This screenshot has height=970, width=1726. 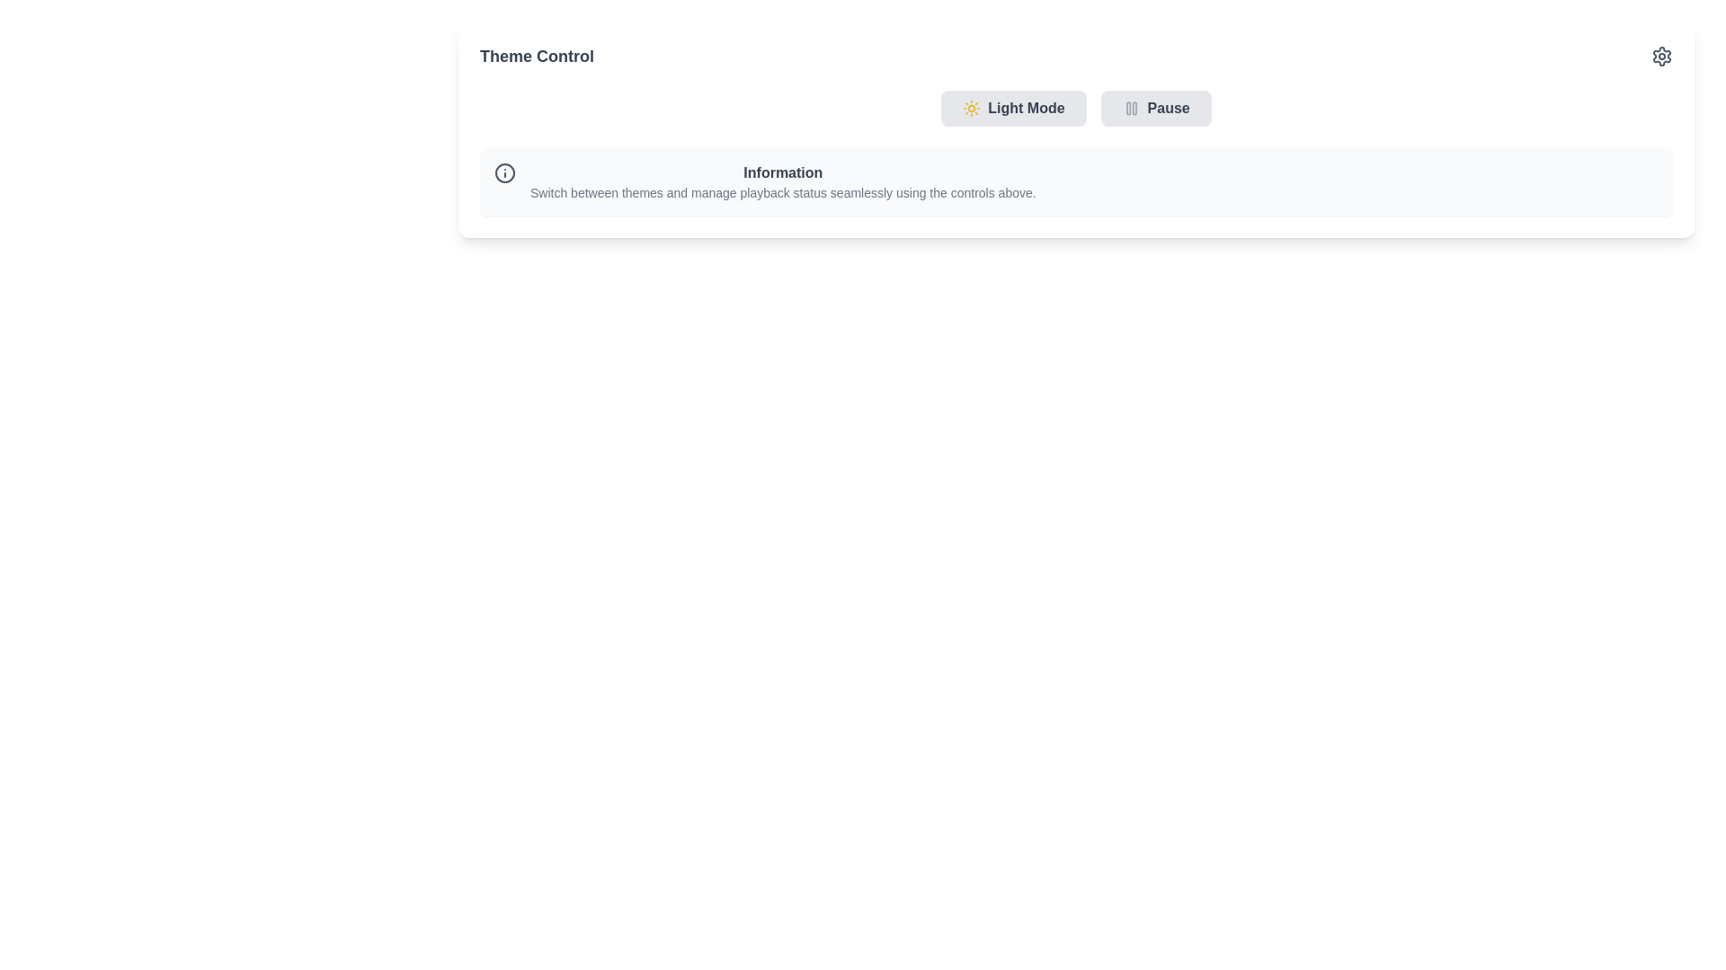 What do you see at coordinates (503, 172) in the screenshot?
I see `the central circle of the information icon, which is visually part of the design and symbolizes an 'Info' or 'Help' feature, located adjacent to the 'Theme Control' header` at bounding box center [503, 172].